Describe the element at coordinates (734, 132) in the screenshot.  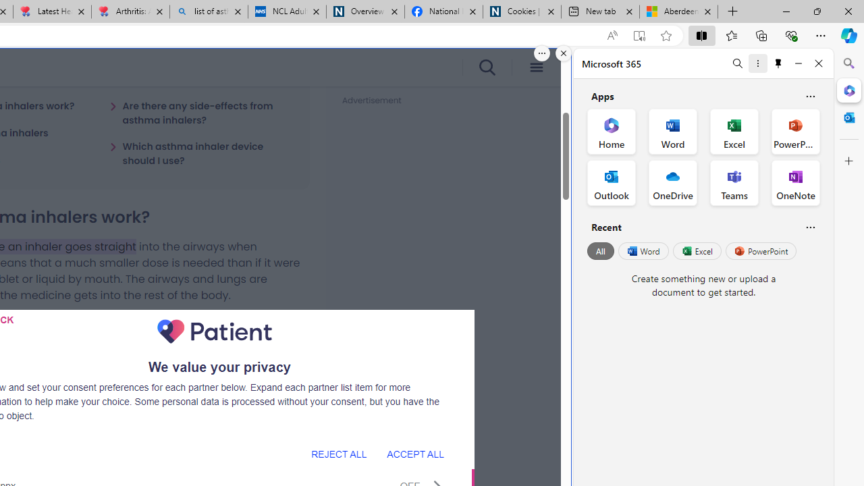
I see `'Excel Office App'` at that location.